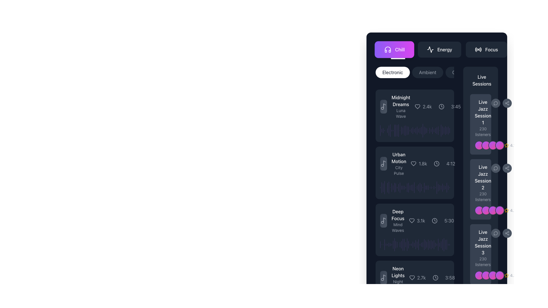 The width and height of the screenshot is (548, 308). What do you see at coordinates (420, 131) in the screenshot?
I see `the thin purple decorative bar with rounded end, which is the 25th element in a horizontal series of similar elements` at bounding box center [420, 131].